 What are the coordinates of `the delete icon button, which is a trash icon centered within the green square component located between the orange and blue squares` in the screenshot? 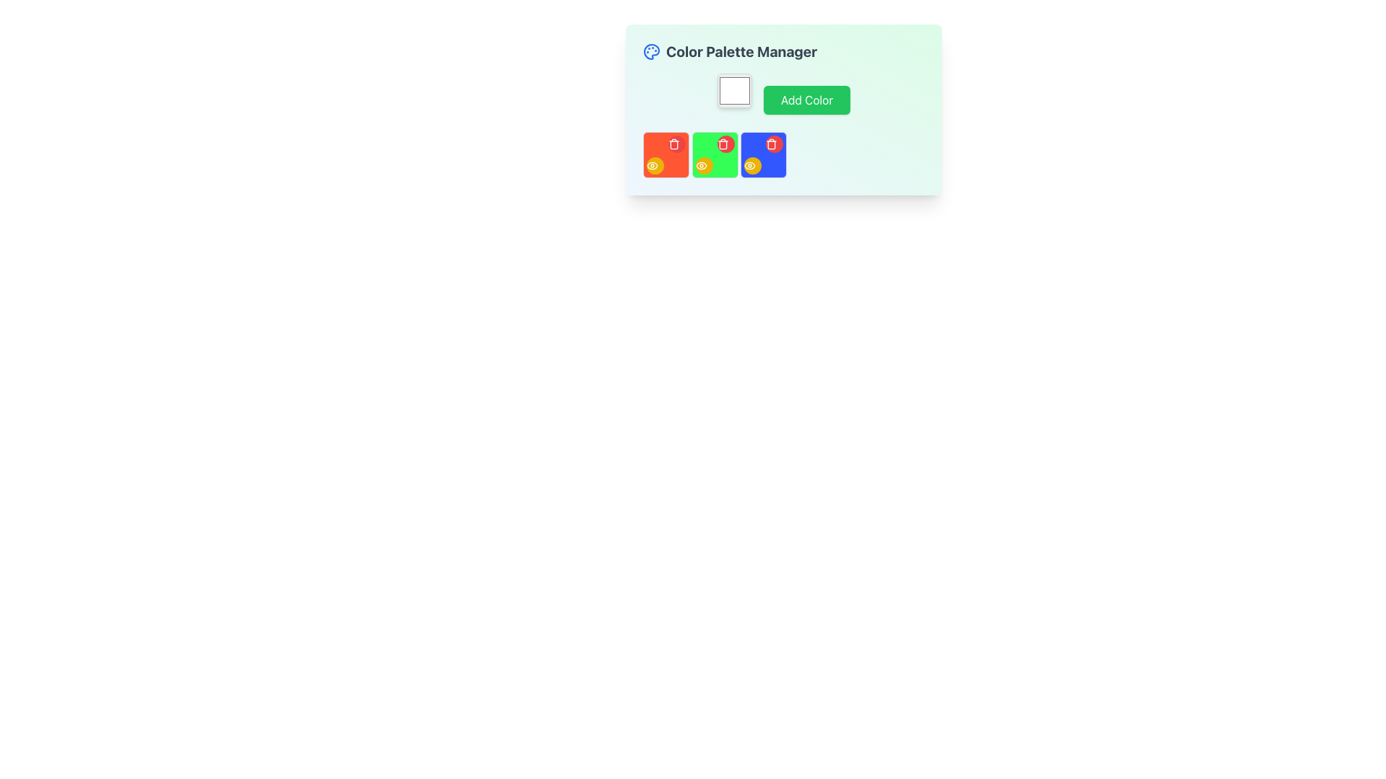 It's located at (723, 144).